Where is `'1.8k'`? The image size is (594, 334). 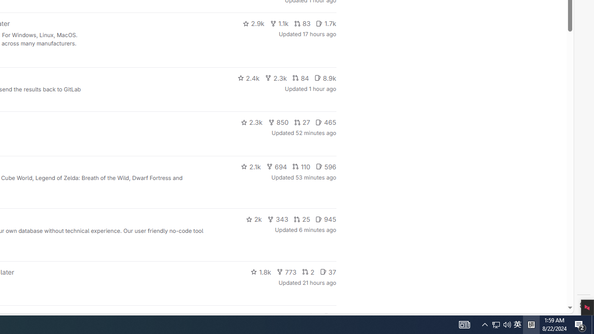 '1.8k' is located at coordinates (260, 271).